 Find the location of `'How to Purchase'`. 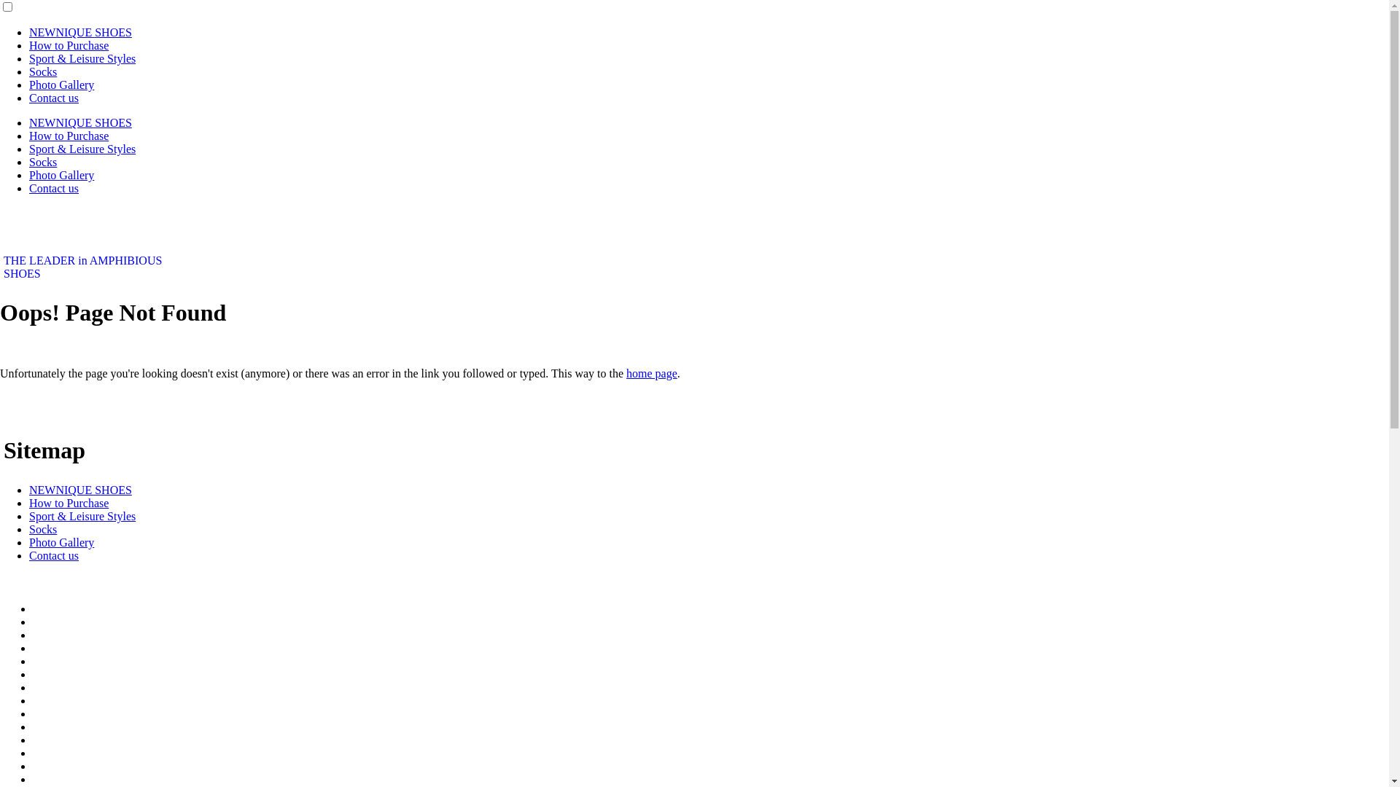

'How to Purchase' is located at coordinates (68, 44).